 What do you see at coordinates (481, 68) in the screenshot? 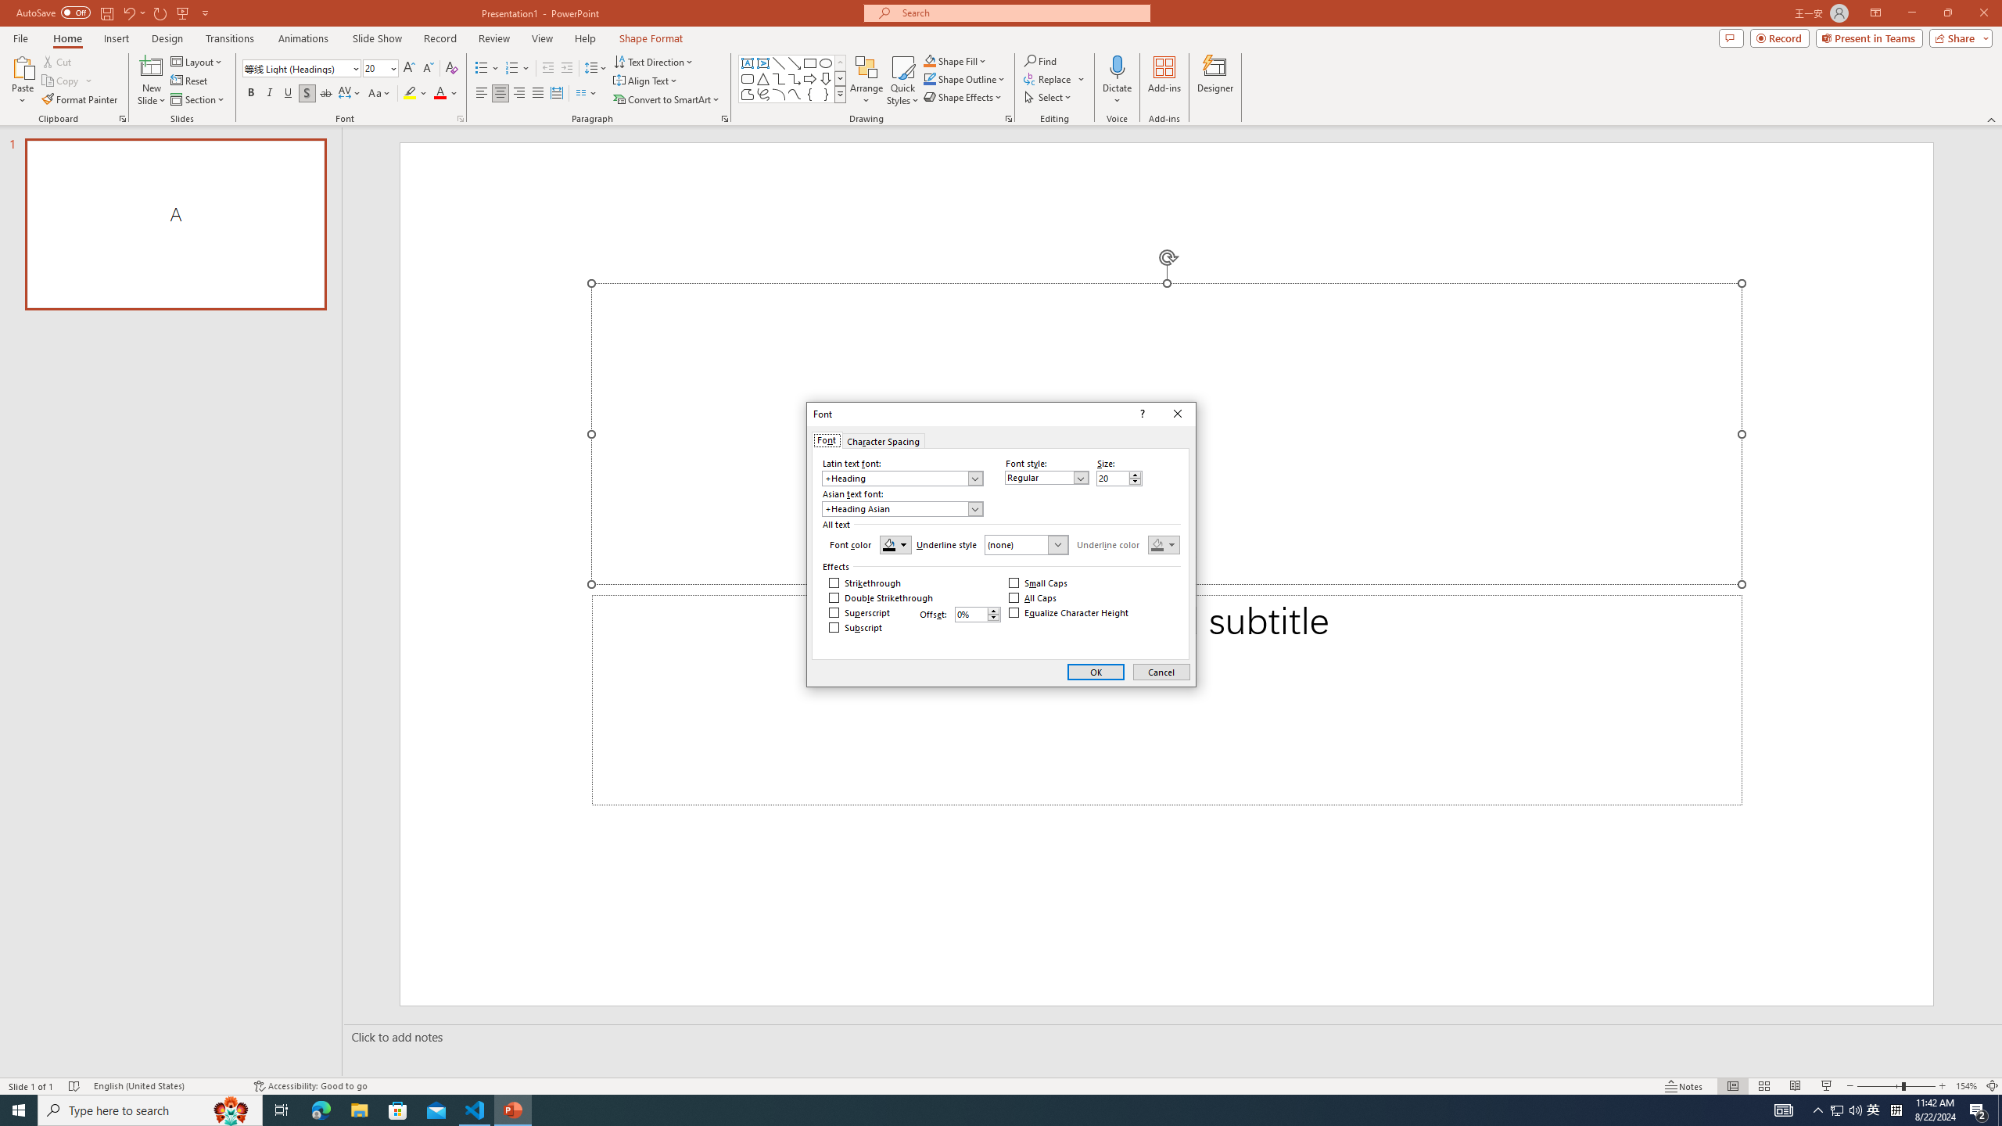
I see `'Bullets'` at bounding box center [481, 68].